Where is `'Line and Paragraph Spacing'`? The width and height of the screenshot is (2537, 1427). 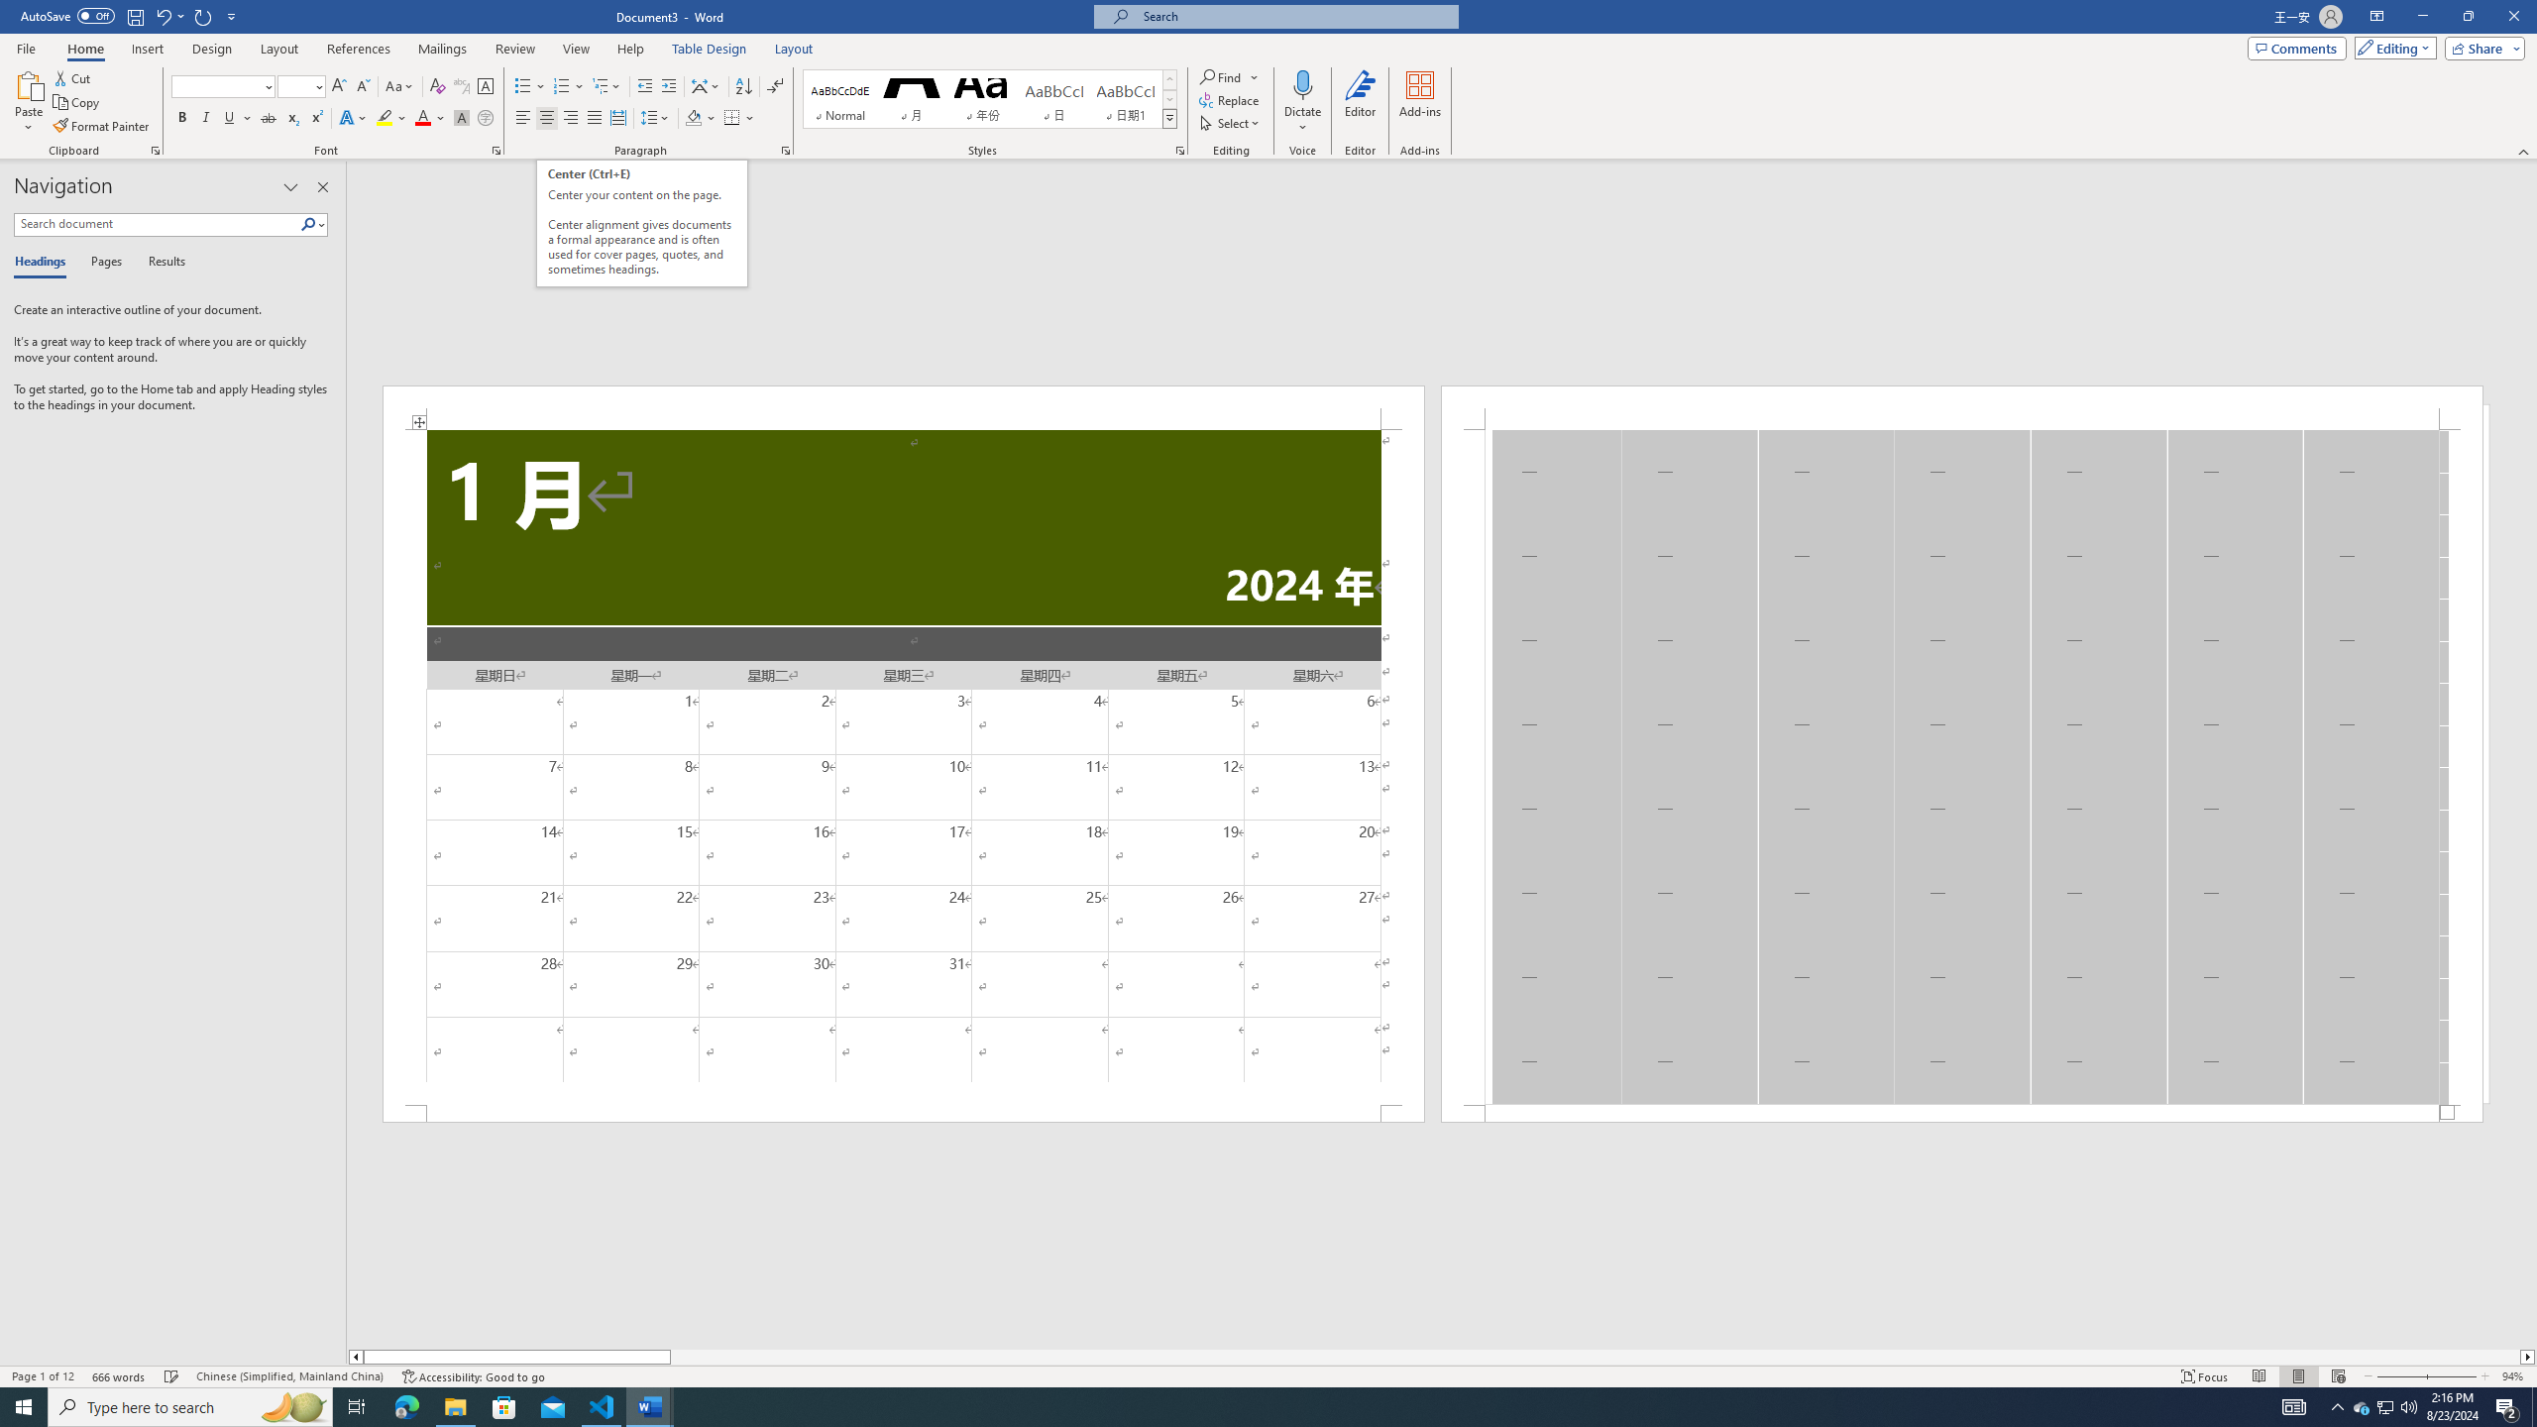
'Line and Paragraph Spacing' is located at coordinates (657, 117).